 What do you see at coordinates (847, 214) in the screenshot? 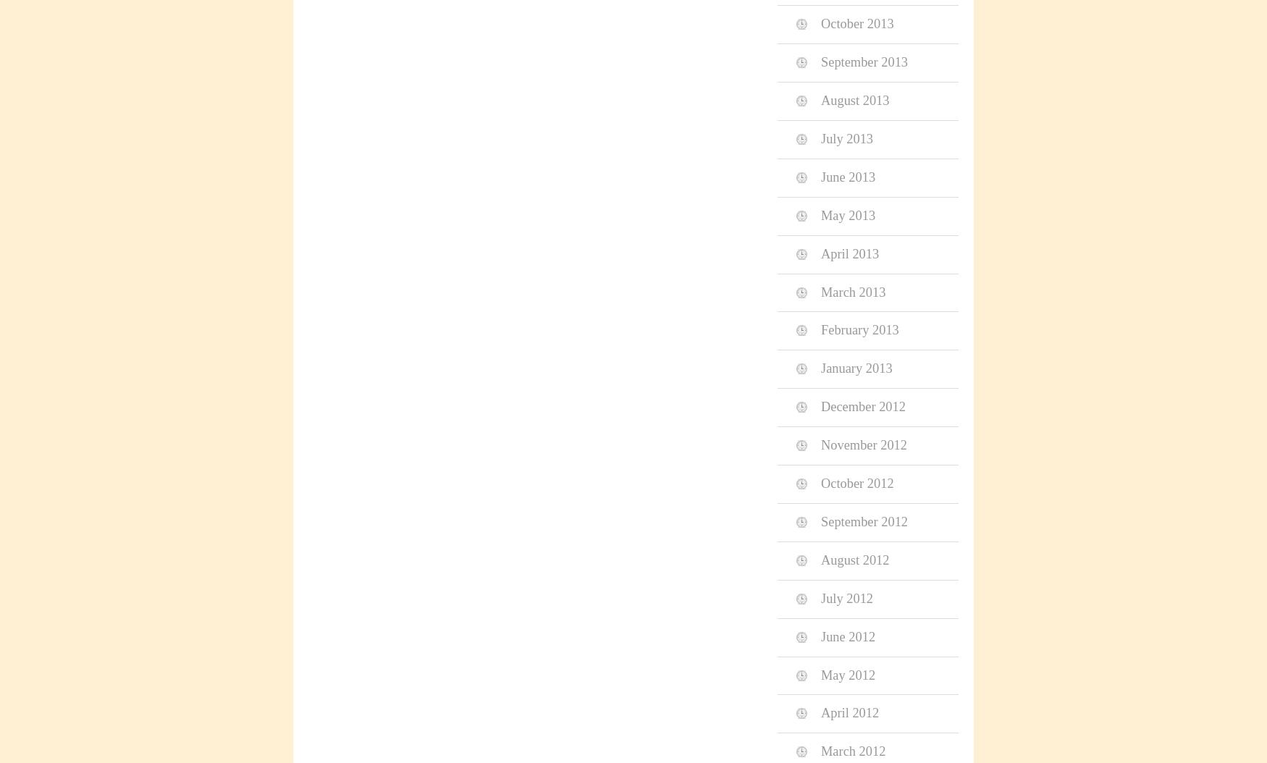
I see `'May 2013'` at bounding box center [847, 214].